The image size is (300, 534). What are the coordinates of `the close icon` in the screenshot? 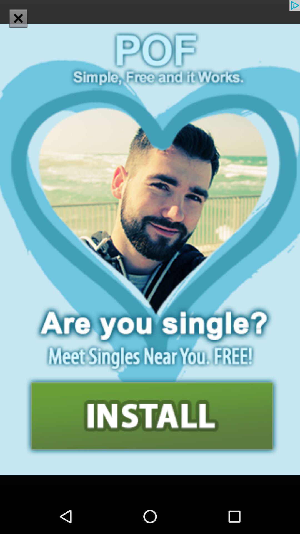 It's located at (18, 19).